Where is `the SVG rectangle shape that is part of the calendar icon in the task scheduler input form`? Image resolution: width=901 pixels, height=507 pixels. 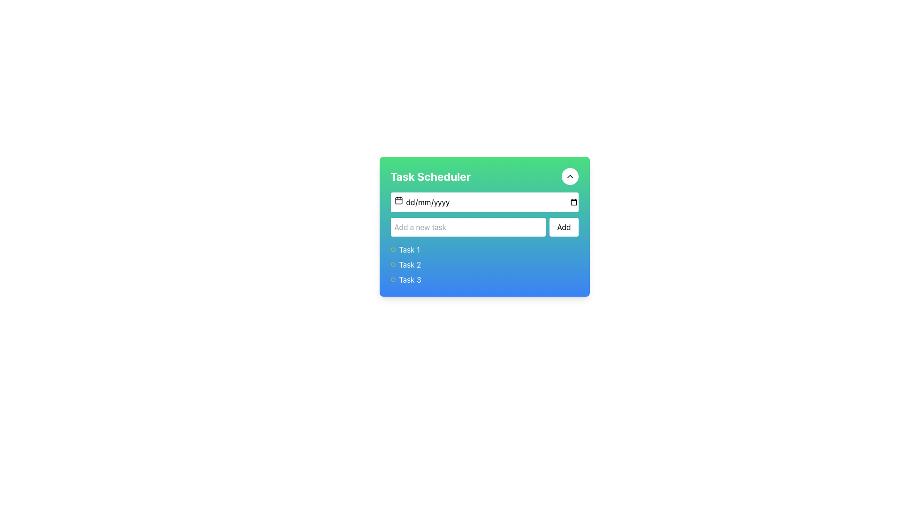
the SVG rectangle shape that is part of the calendar icon in the task scheduler input form is located at coordinates (398, 200).